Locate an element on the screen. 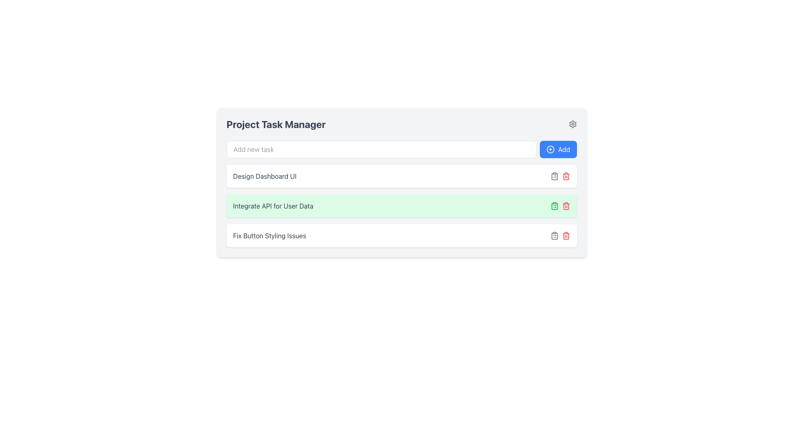 This screenshot has height=446, width=793. the icon button located to the left of the red-colored trash bin in the third row of the task list labeled 'Integrate API for User Data' is located at coordinates (554, 235).